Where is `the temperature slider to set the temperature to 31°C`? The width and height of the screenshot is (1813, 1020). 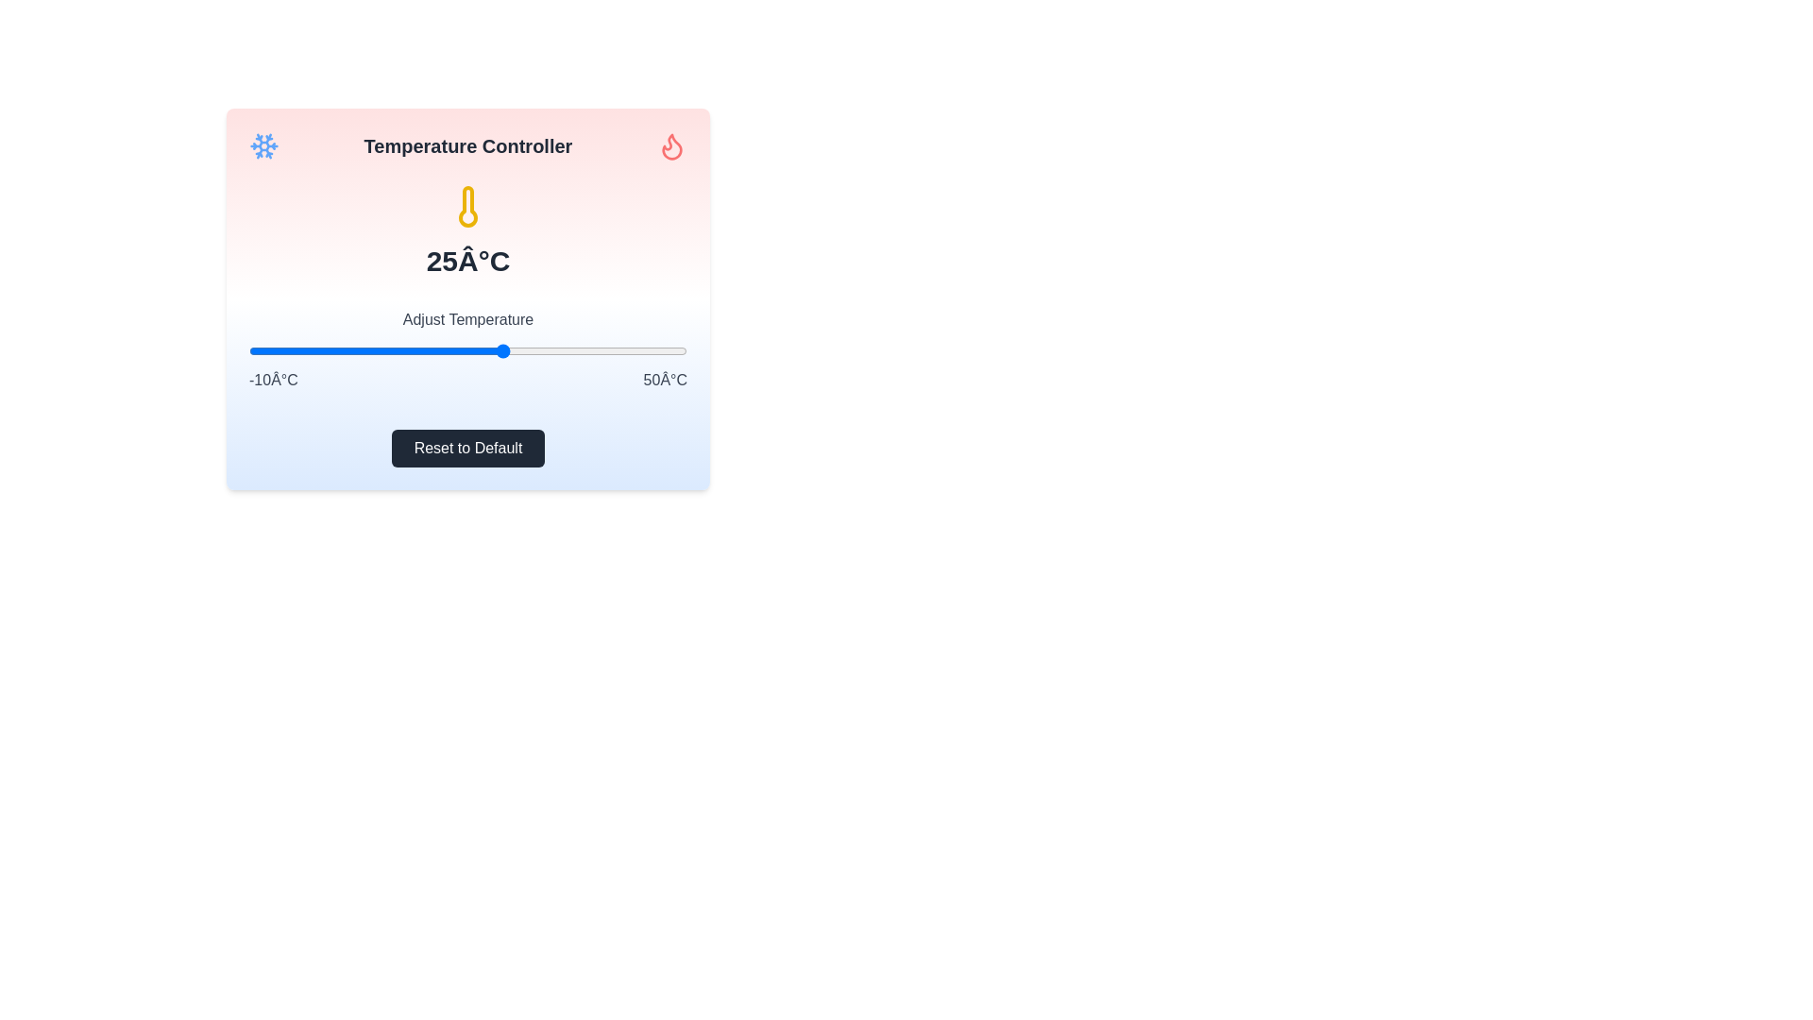 the temperature slider to set the temperature to 31°C is located at coordinates (547, 350).